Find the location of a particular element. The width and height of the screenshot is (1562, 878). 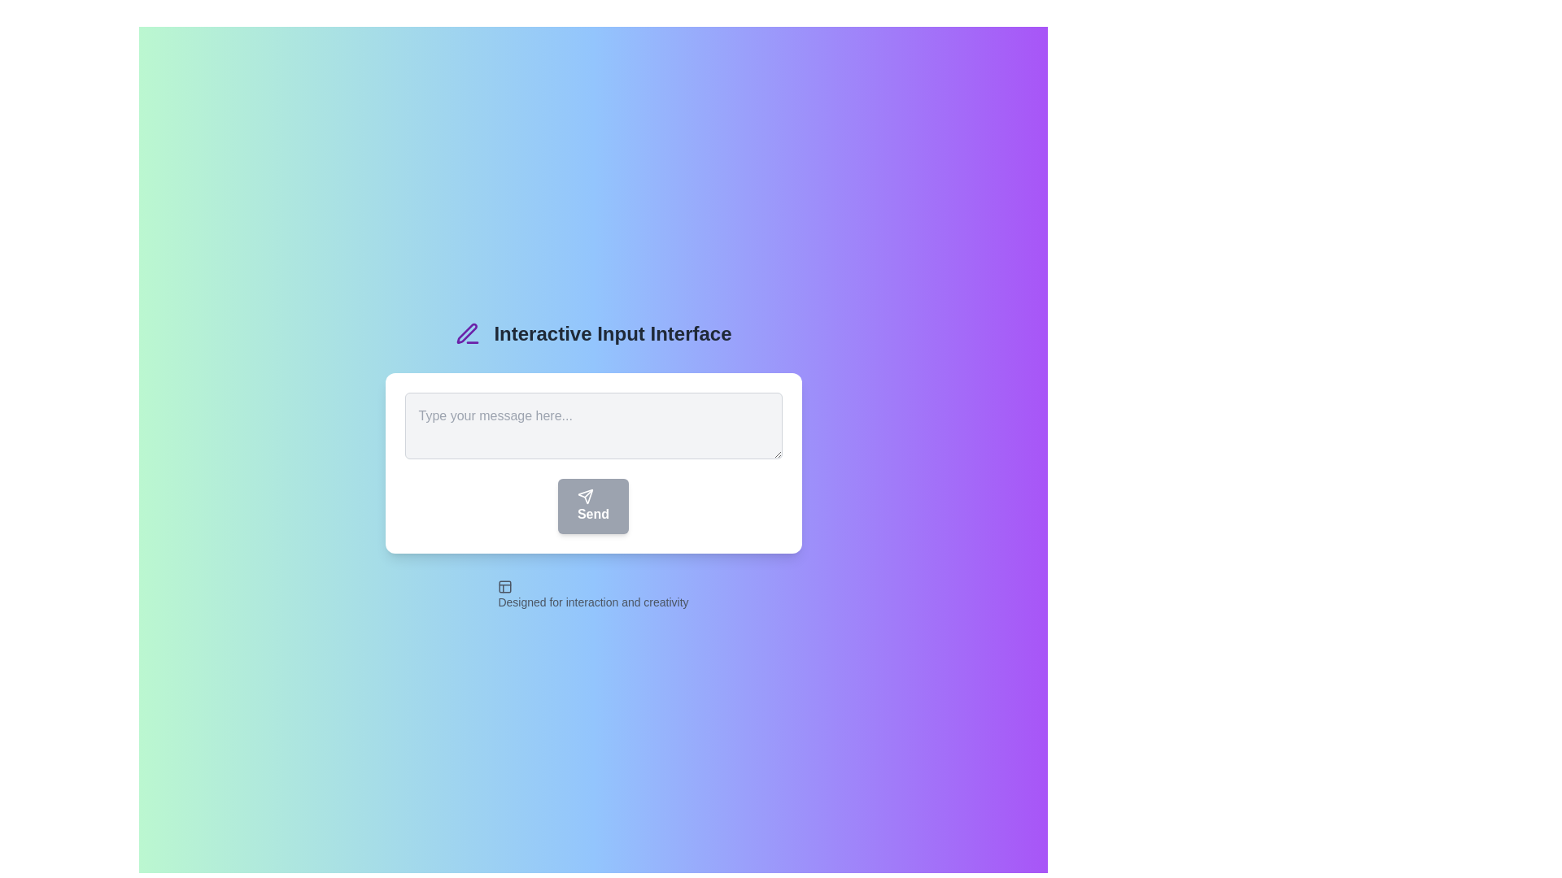

the icon resembling a layout grid with a diagonal division and an L-shape subdivision, located to the left of the text 'Designed for interaction and creativity' is located at coordinates (504, 586).